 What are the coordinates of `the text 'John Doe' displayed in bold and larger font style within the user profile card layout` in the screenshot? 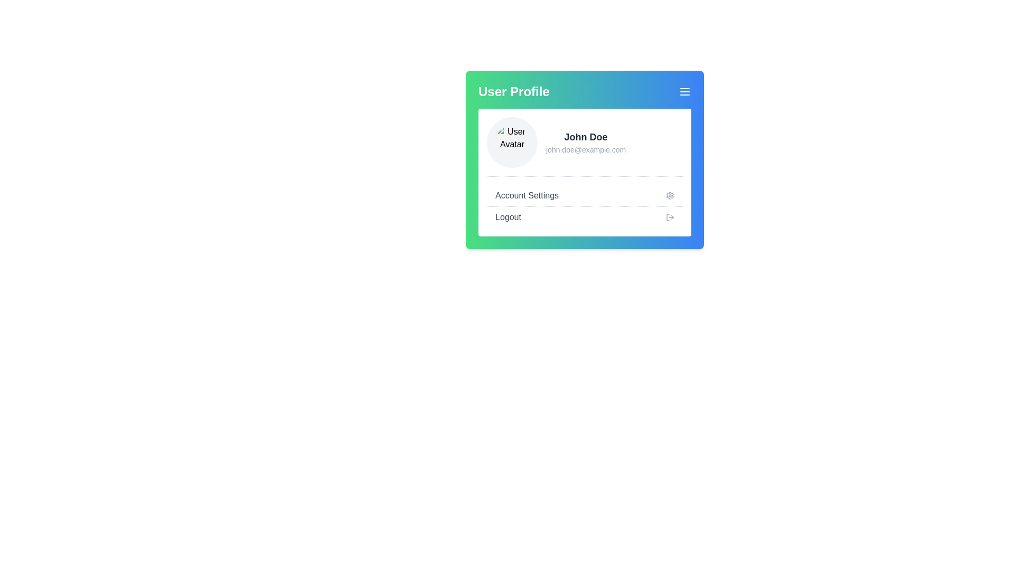 It's located at (585, 136).